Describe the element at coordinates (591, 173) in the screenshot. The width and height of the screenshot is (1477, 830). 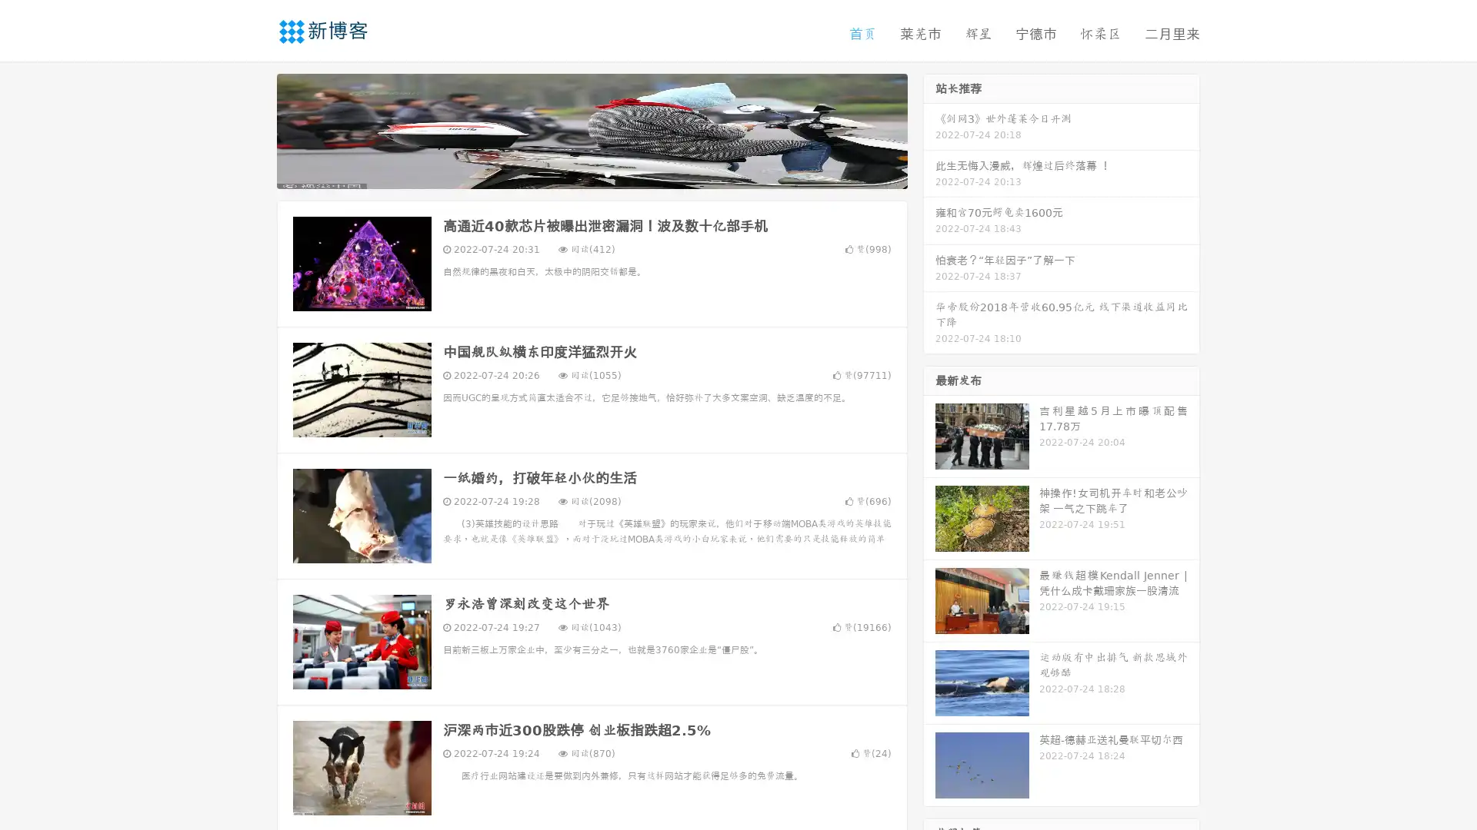
I see `Go to slide 2` at that location.